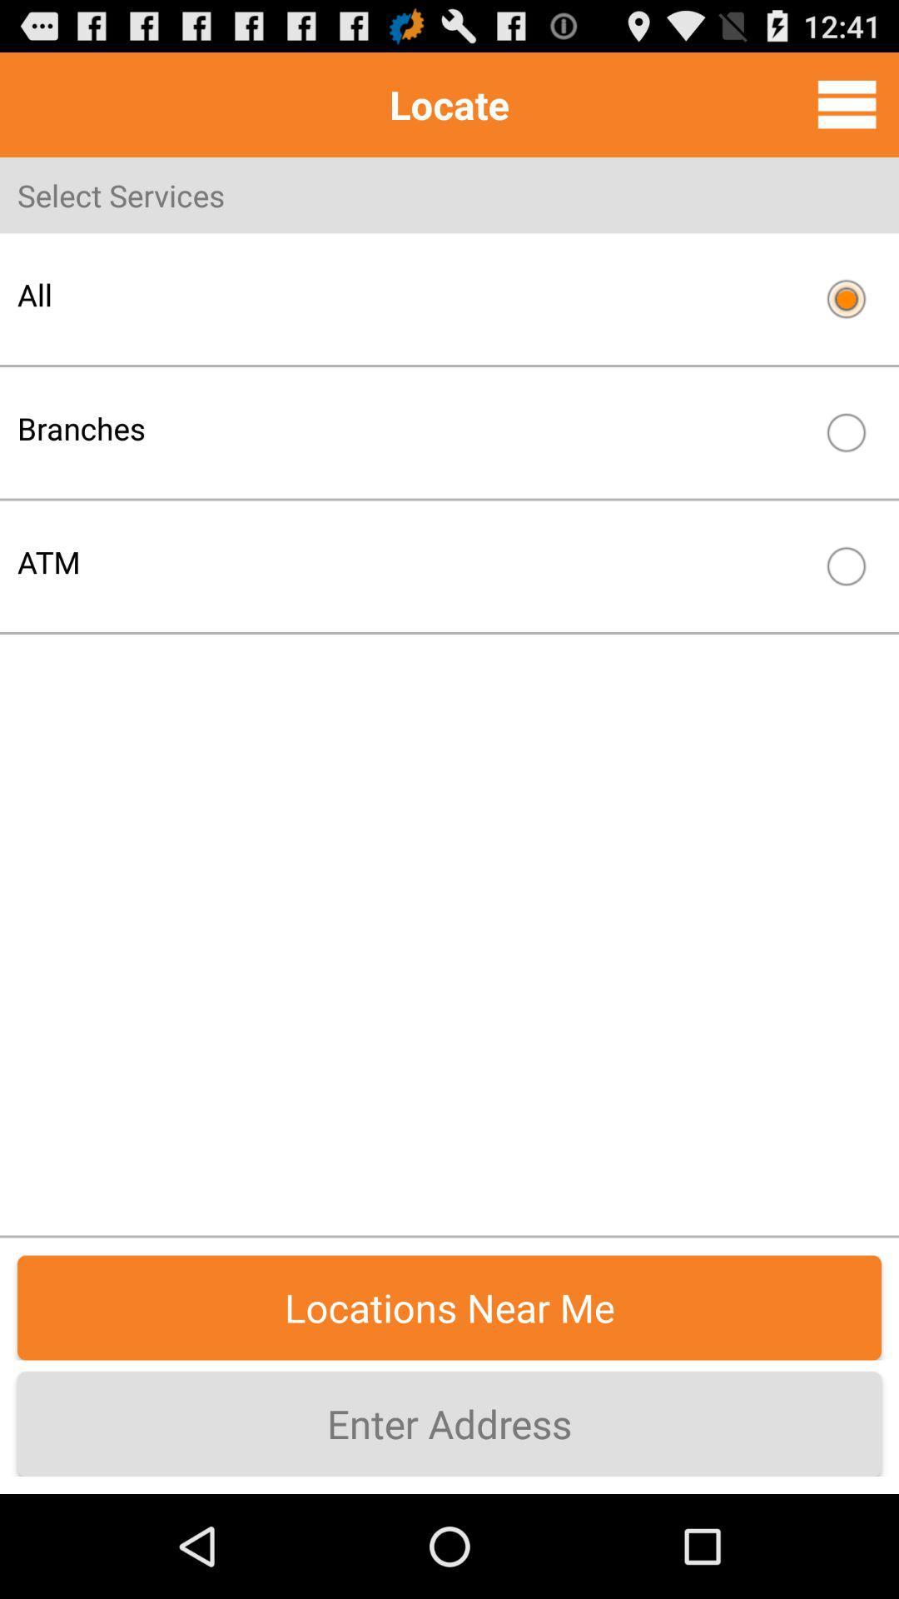 Image resolution: width=899 pixels, height=1599 pixels. I want to click on the icon above the all, so click(847, 103).